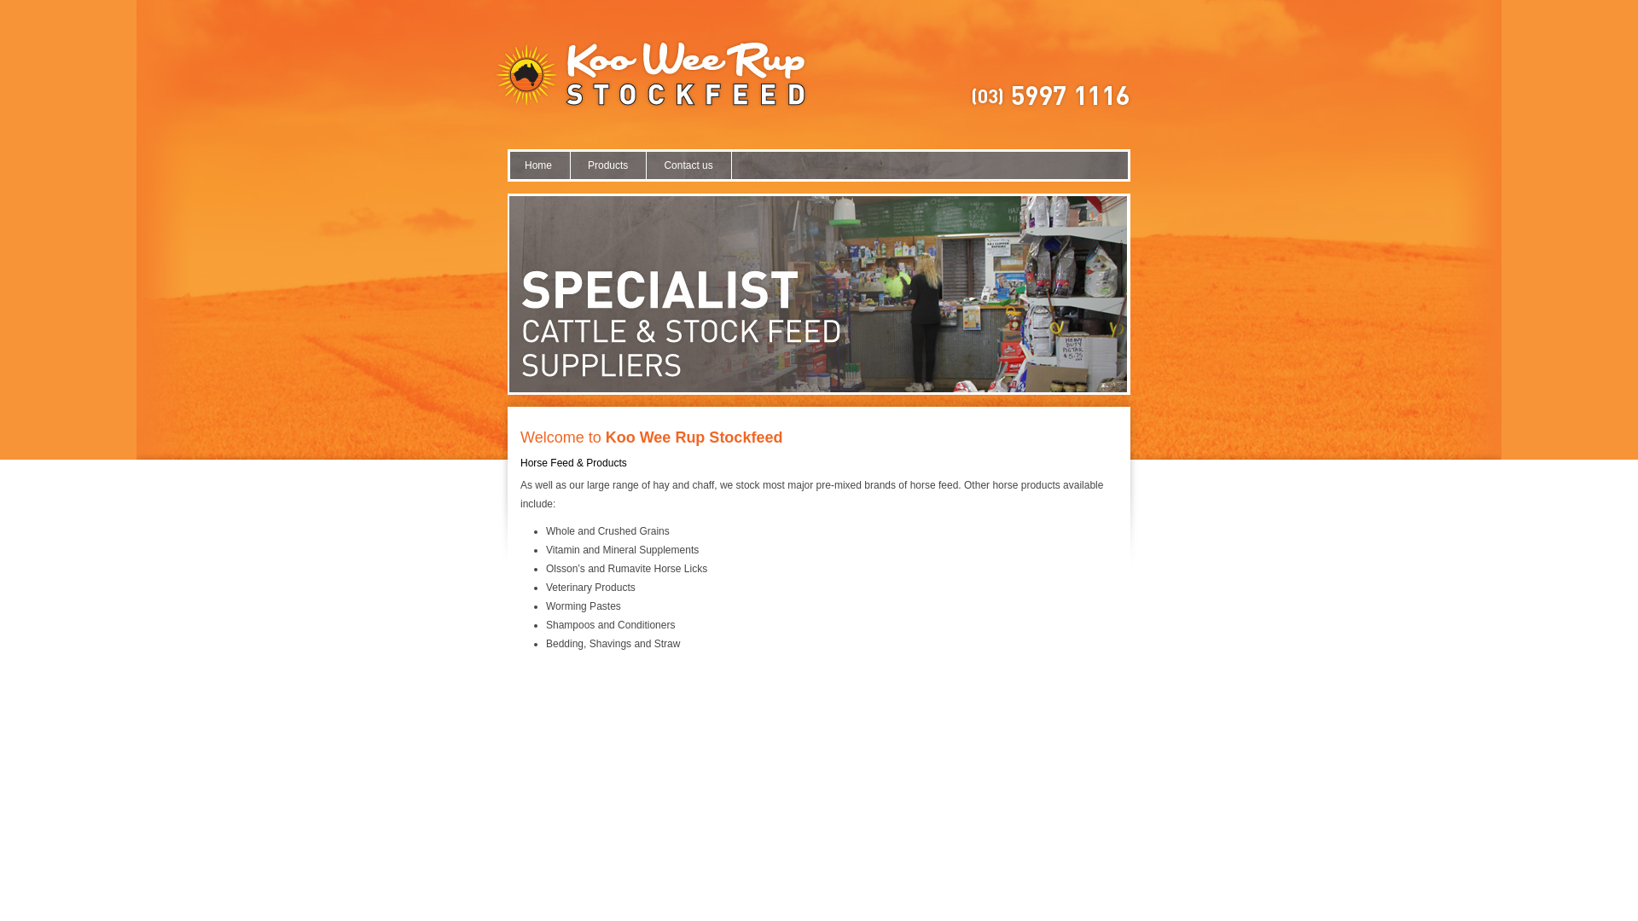 This screenshot has width=1638, height=921. What do you see at coordinates (688, 165) in the screenshot?
I see `'Contact us'` at bounding box center [688, 165].